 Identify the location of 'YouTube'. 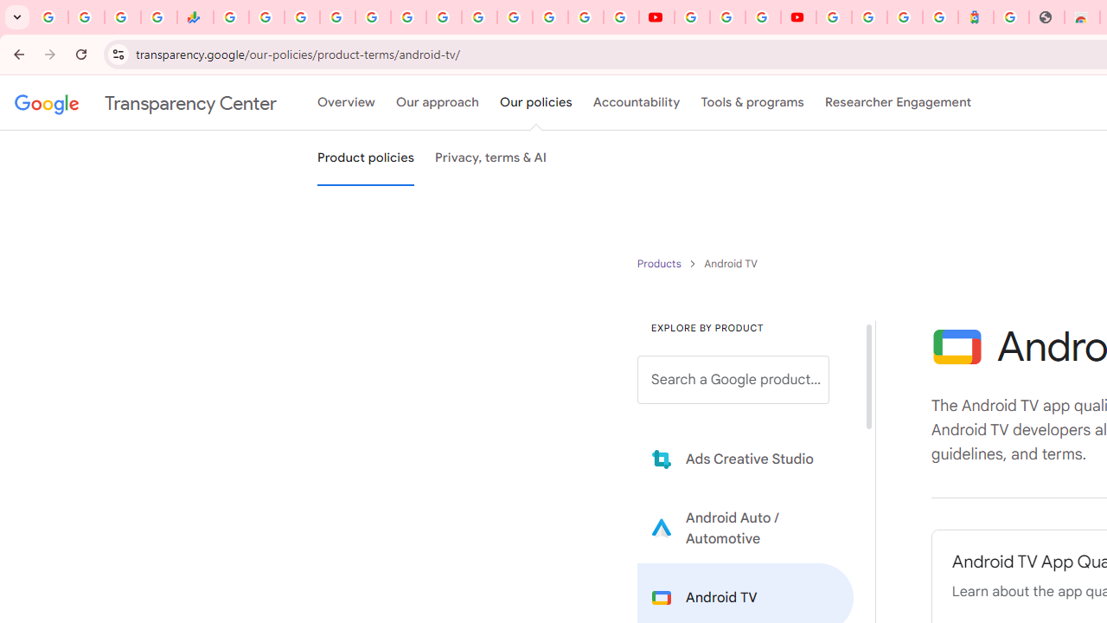
(656, 17).